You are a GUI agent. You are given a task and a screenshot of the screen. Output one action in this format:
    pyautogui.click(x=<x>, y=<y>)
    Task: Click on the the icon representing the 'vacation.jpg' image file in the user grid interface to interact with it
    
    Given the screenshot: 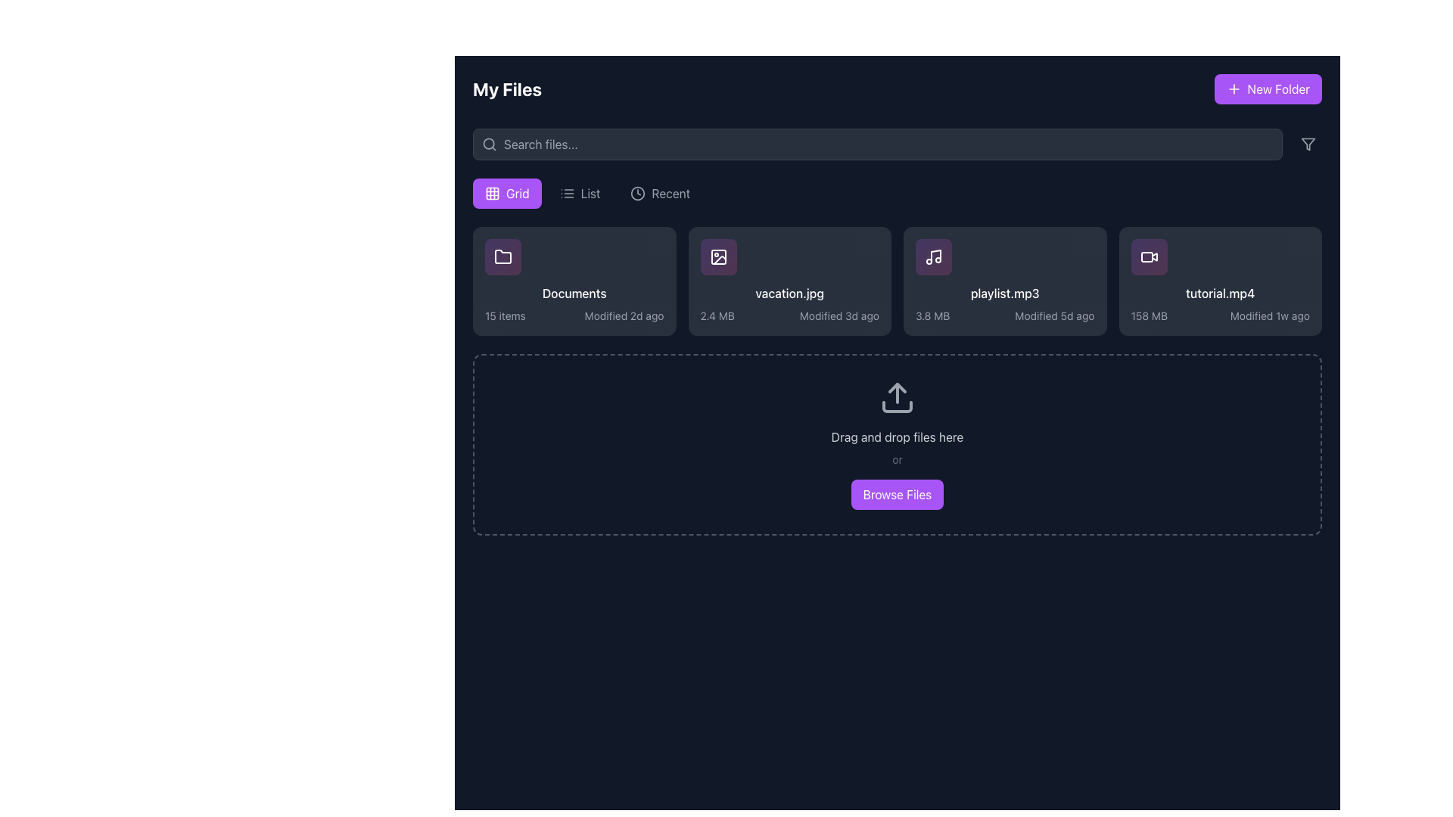 What is the action you would take?
    pyautogui.click(x=717, y=256)
    